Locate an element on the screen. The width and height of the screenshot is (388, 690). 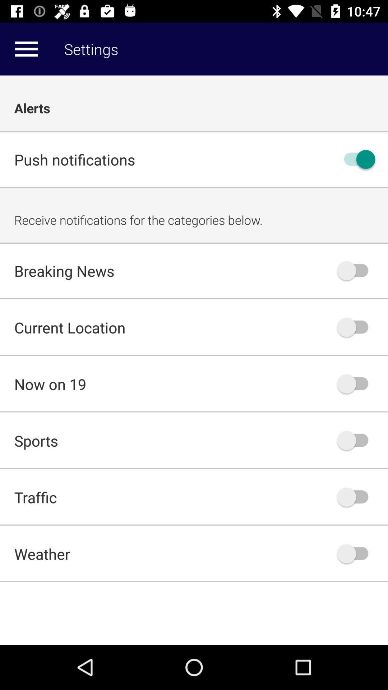
the icon at the top left corner is located at coordinates (26, 49).